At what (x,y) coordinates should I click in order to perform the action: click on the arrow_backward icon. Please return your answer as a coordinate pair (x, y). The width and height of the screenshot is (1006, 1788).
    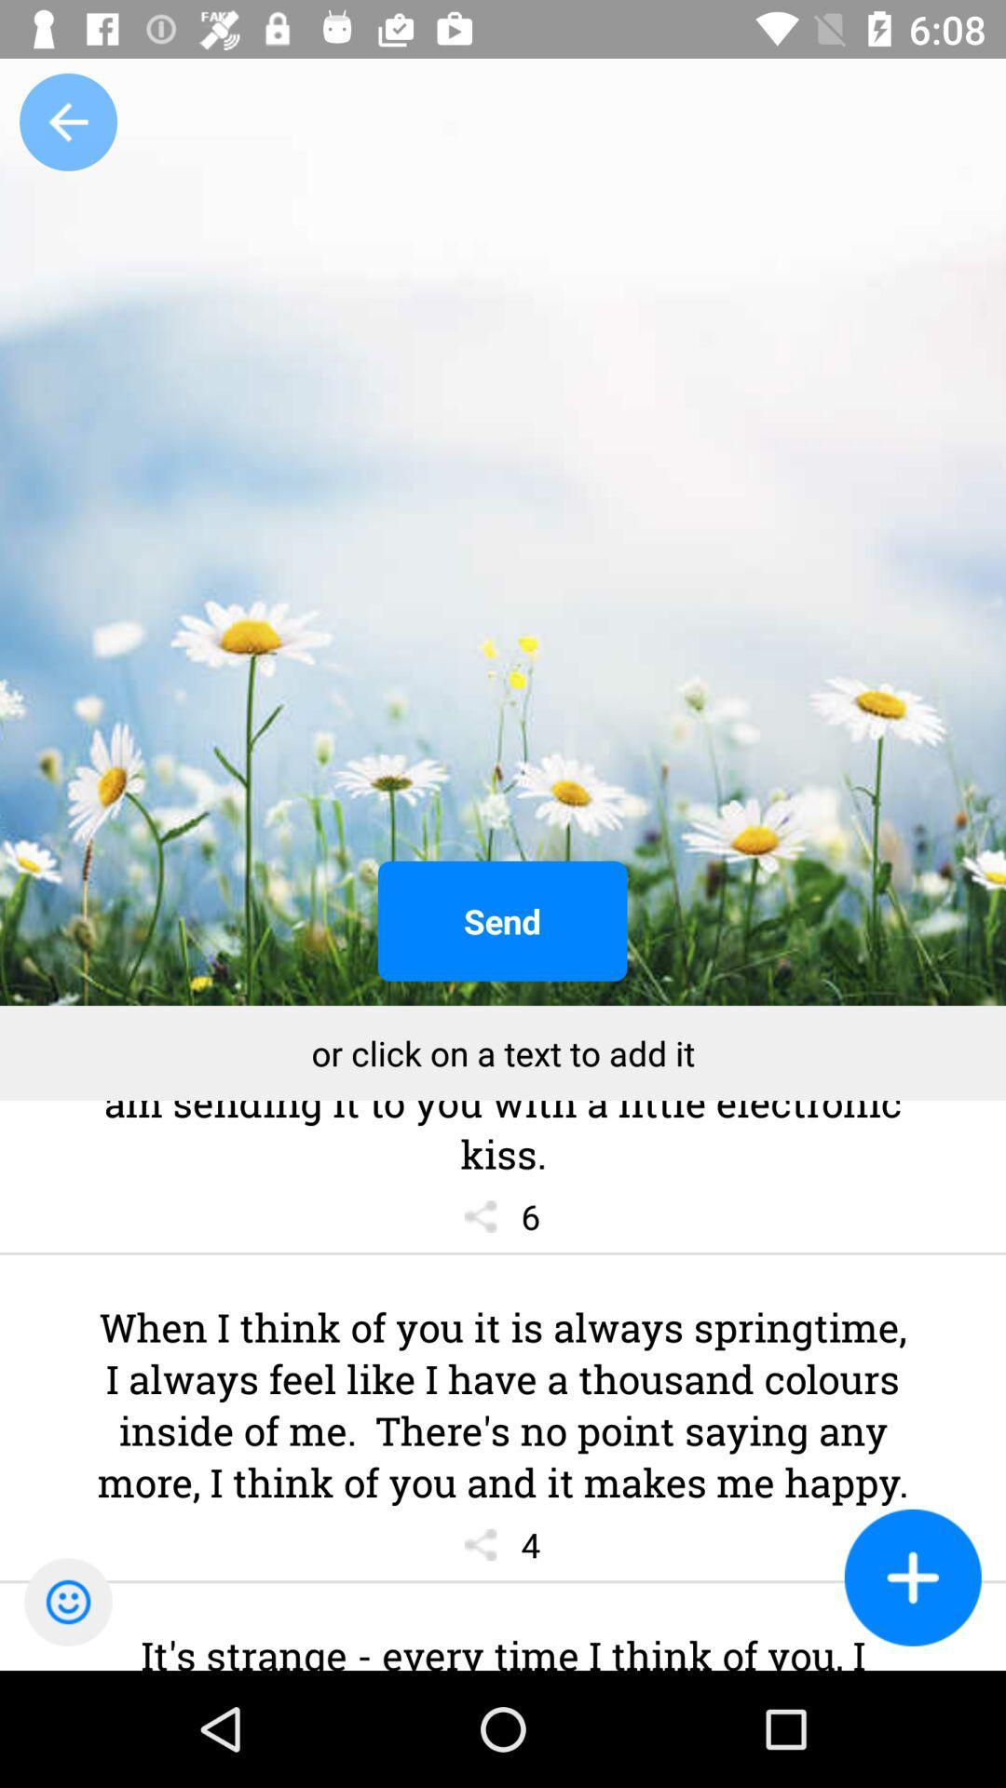
    Looking at the image, I should click on (67, 121).